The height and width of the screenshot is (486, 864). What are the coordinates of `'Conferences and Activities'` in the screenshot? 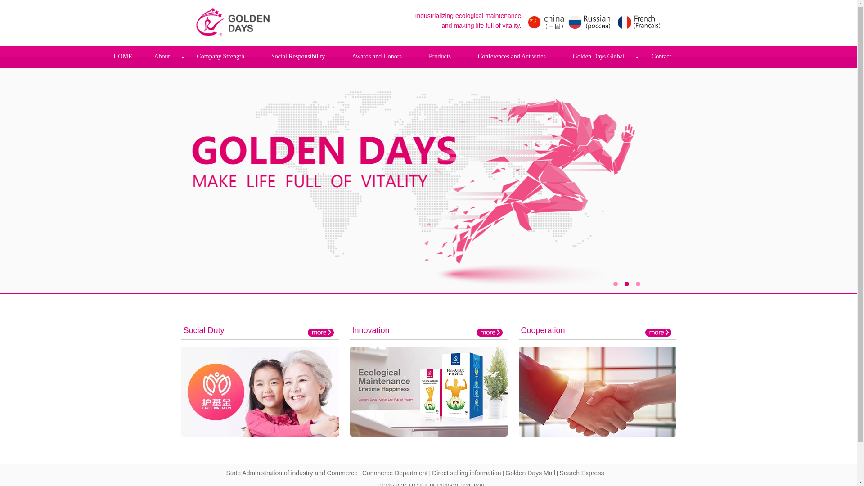 It's located at (464, 57).